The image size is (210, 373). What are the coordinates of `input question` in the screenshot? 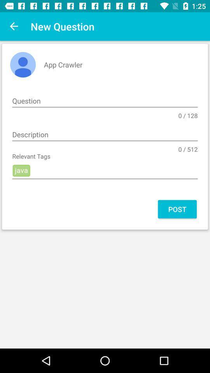 It's located at (105, 101).